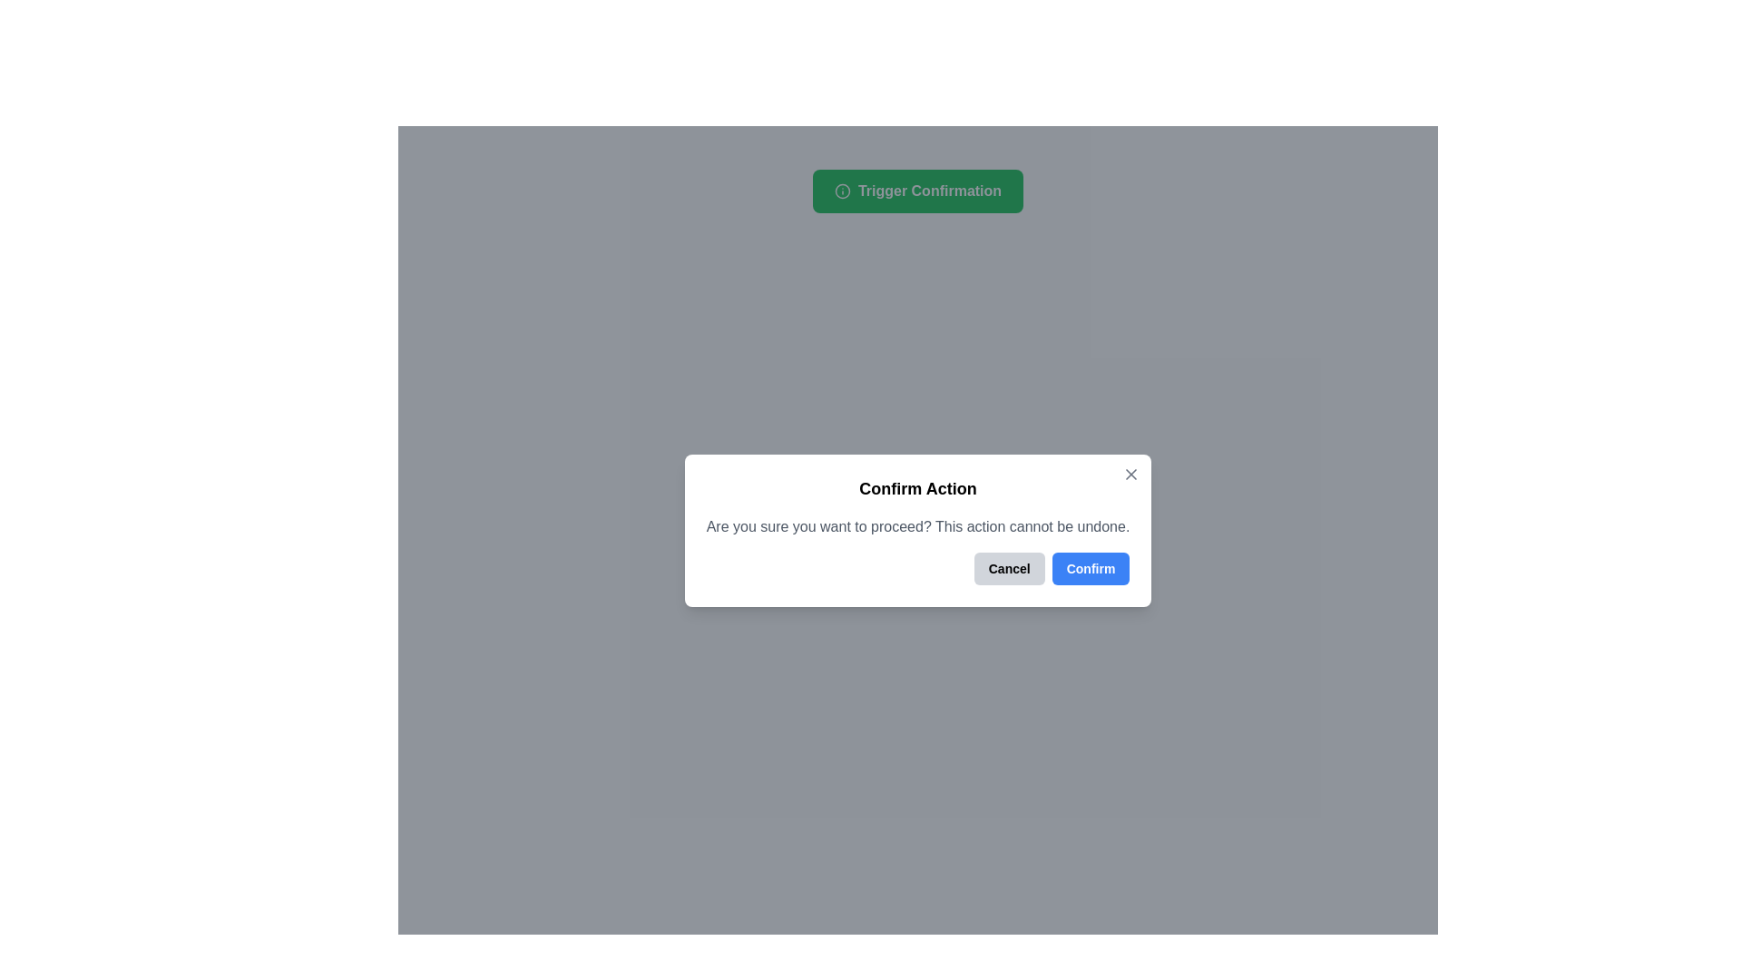 This screenshot has width=1742, height=980. I want to click on the close button located in the top-right corner of the modal dialog, so click(1130, 473).